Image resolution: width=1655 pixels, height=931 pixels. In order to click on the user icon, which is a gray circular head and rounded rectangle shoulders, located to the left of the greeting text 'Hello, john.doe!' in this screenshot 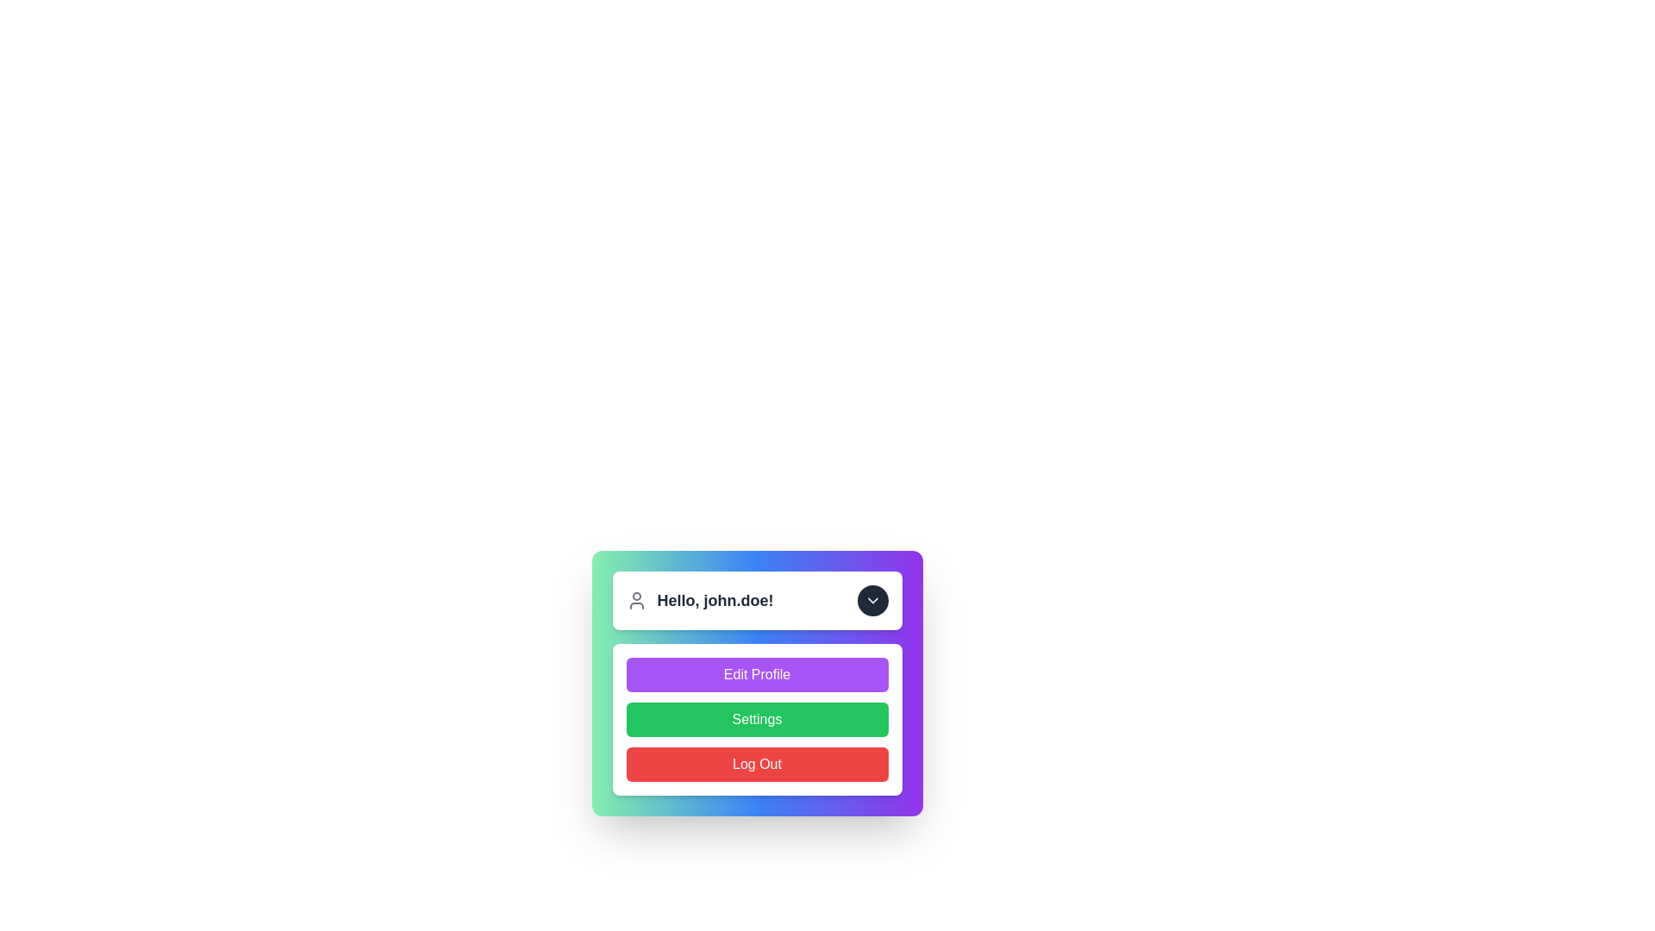, I will do `click(635, 600)`.